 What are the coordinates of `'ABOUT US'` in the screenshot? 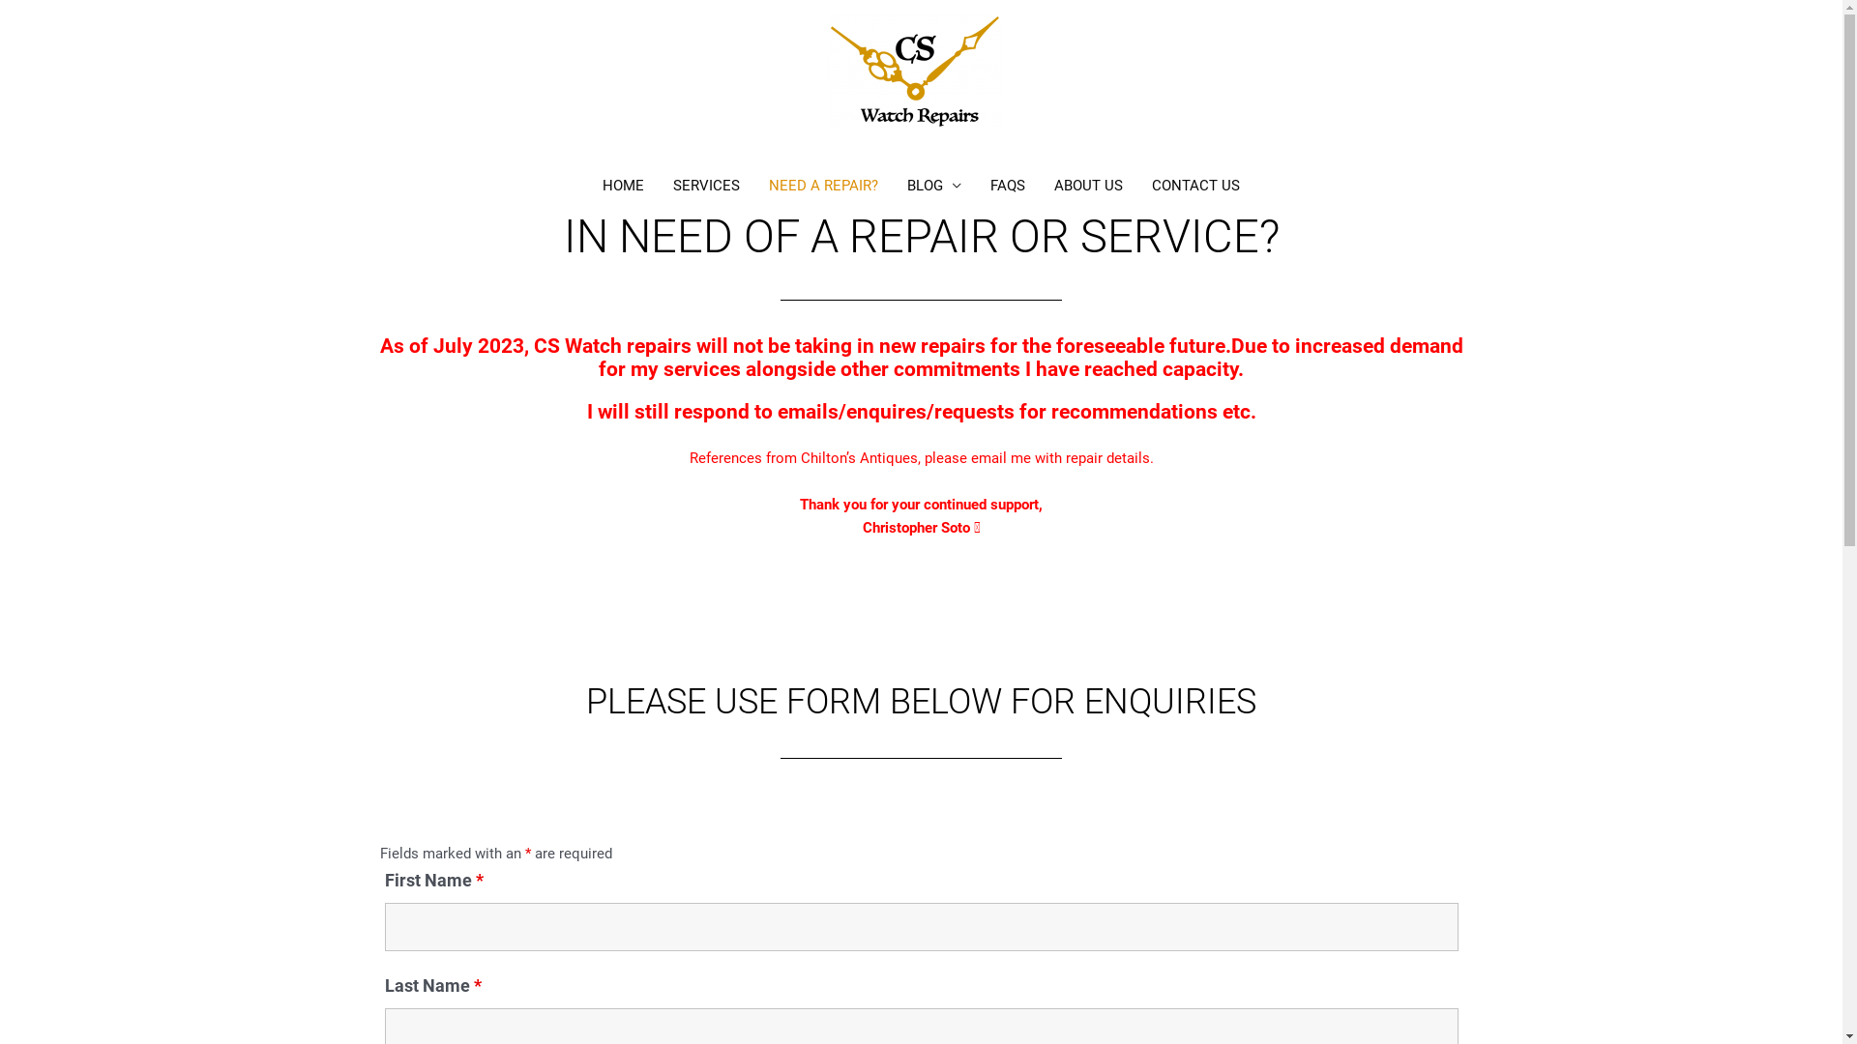 It's located at (1088, 186).